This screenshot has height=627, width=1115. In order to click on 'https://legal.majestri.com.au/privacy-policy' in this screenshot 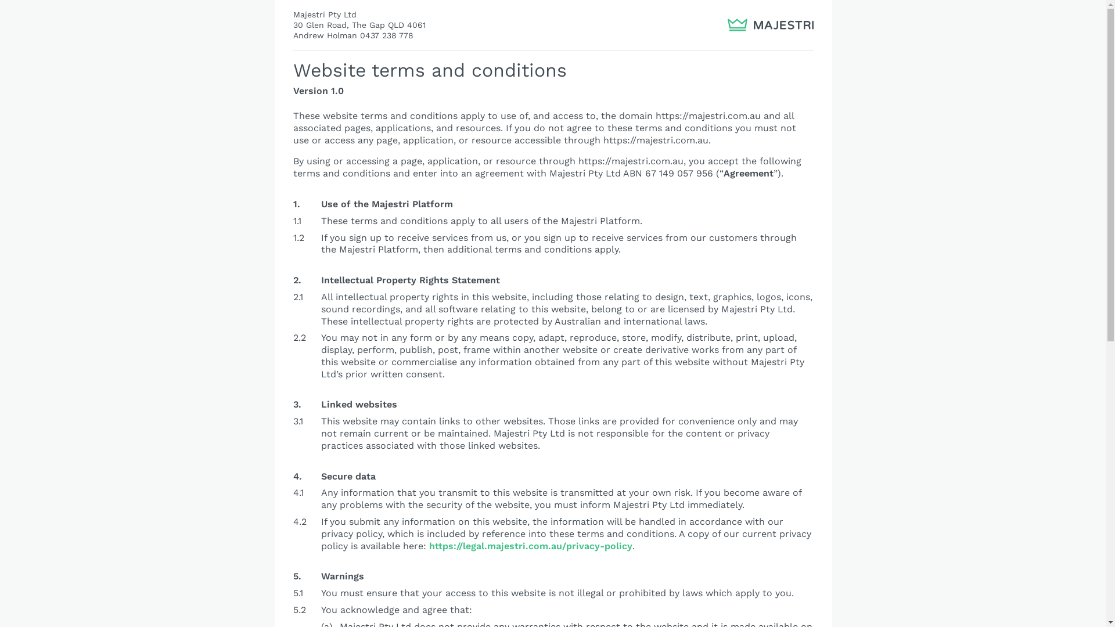, I will do `click(529, 546)`.